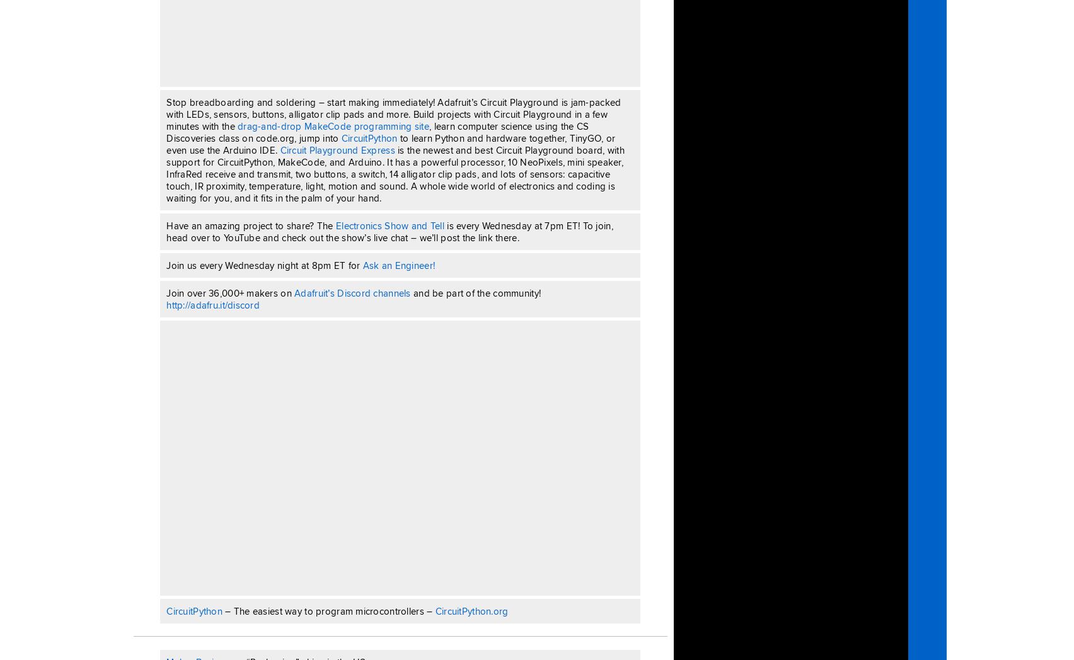  What do you see at coordinates (337, 149) in the screenshot?
I see `'Circuit Playground Express'` at bounding box center [337, 149].